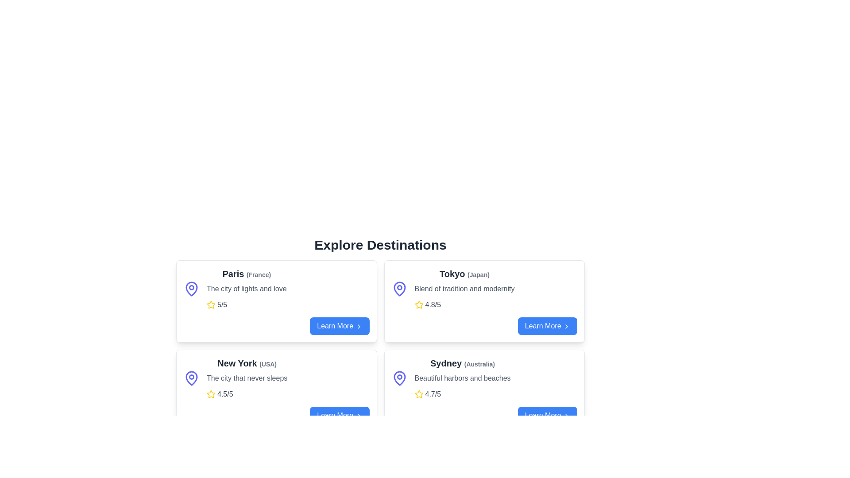  Describe the element at coordinates (191, 289) in the screenshot. I see `the map pin icon located at the top-left corner of the card representing 'Paris', which is positioned to the left of the text 'Paris (France)'` at that location.